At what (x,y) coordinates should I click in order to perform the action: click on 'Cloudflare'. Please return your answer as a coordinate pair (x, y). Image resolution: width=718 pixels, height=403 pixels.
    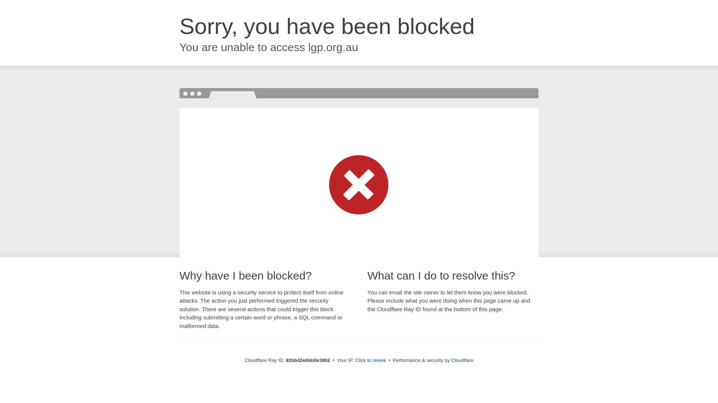
    Looking at the image, I should click on (461, 360).